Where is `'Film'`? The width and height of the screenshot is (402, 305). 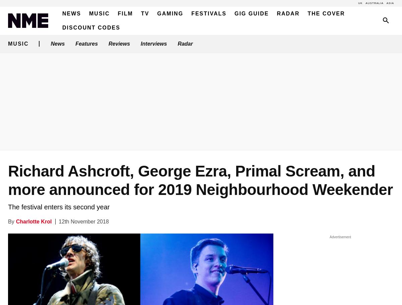
'Film' is located at coordinates (125, 13).